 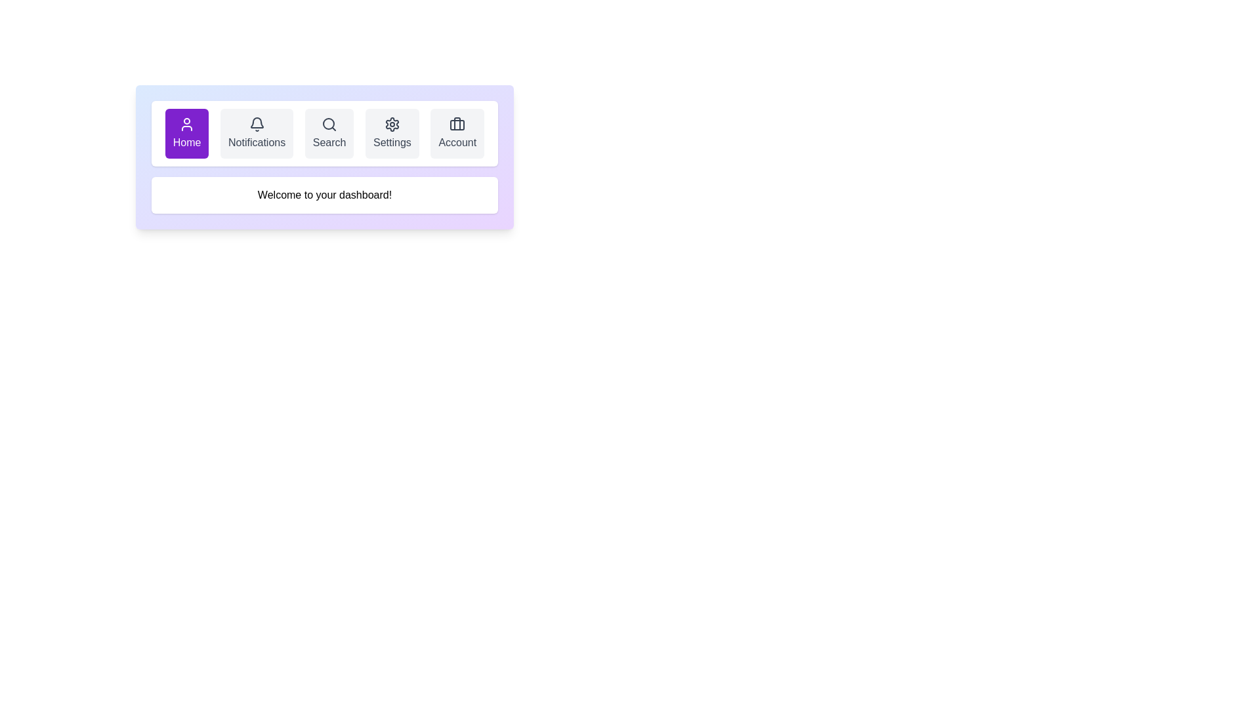 What do you see at coordinates (457, 125) in the screenshot?
I see `the visual vector graphic shape that is part of the briefcase icon in the 'Account' section of the navigation bar, located at the far-right end of the top navigation bar` at bounding box center [457, 125].